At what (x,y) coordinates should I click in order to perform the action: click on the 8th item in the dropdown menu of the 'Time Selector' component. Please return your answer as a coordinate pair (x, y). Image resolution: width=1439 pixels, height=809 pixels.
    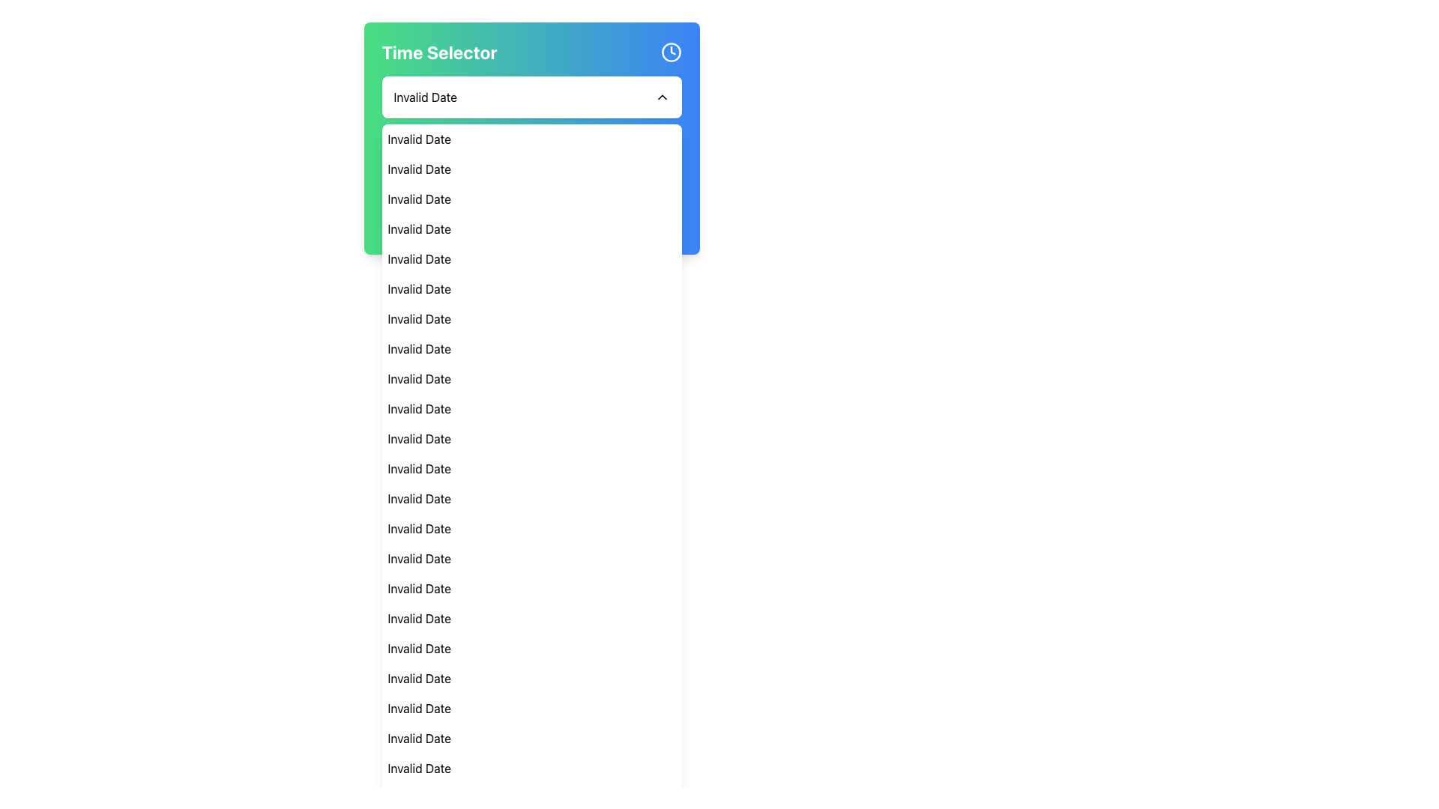
    Looking at the image, I should click on (531, 349).